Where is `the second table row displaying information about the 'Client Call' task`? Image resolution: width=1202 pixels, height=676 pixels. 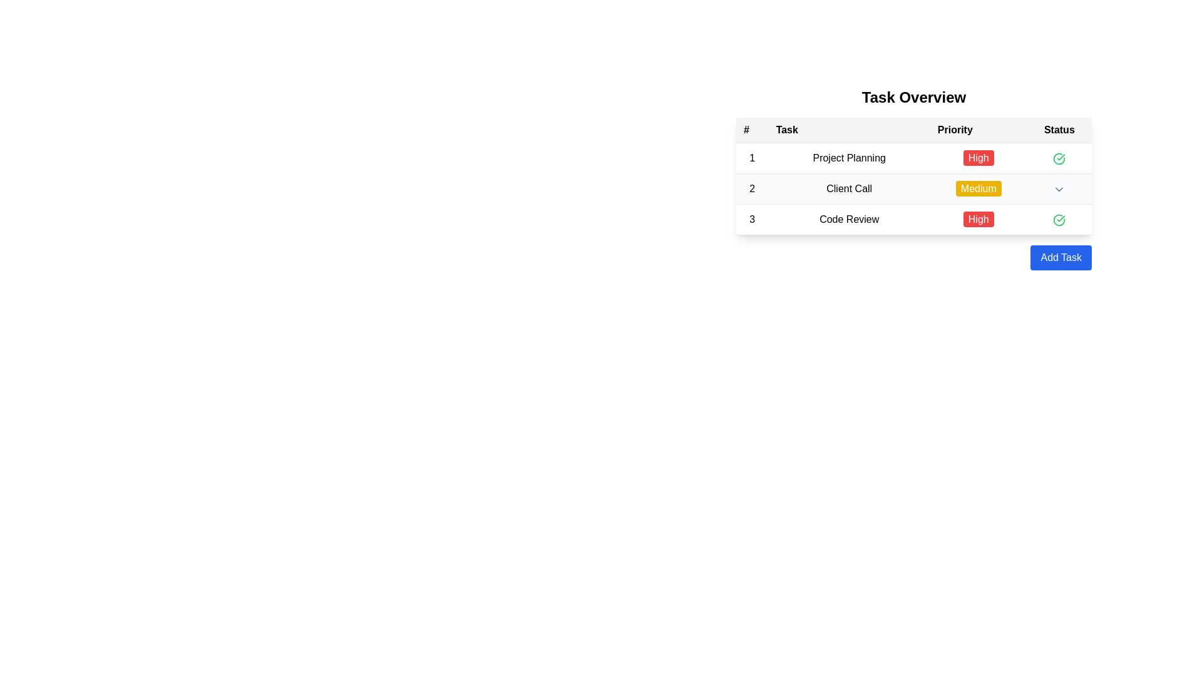 the second table row displaying information about the 'Client Call' task is located at coordinates (913, 188).